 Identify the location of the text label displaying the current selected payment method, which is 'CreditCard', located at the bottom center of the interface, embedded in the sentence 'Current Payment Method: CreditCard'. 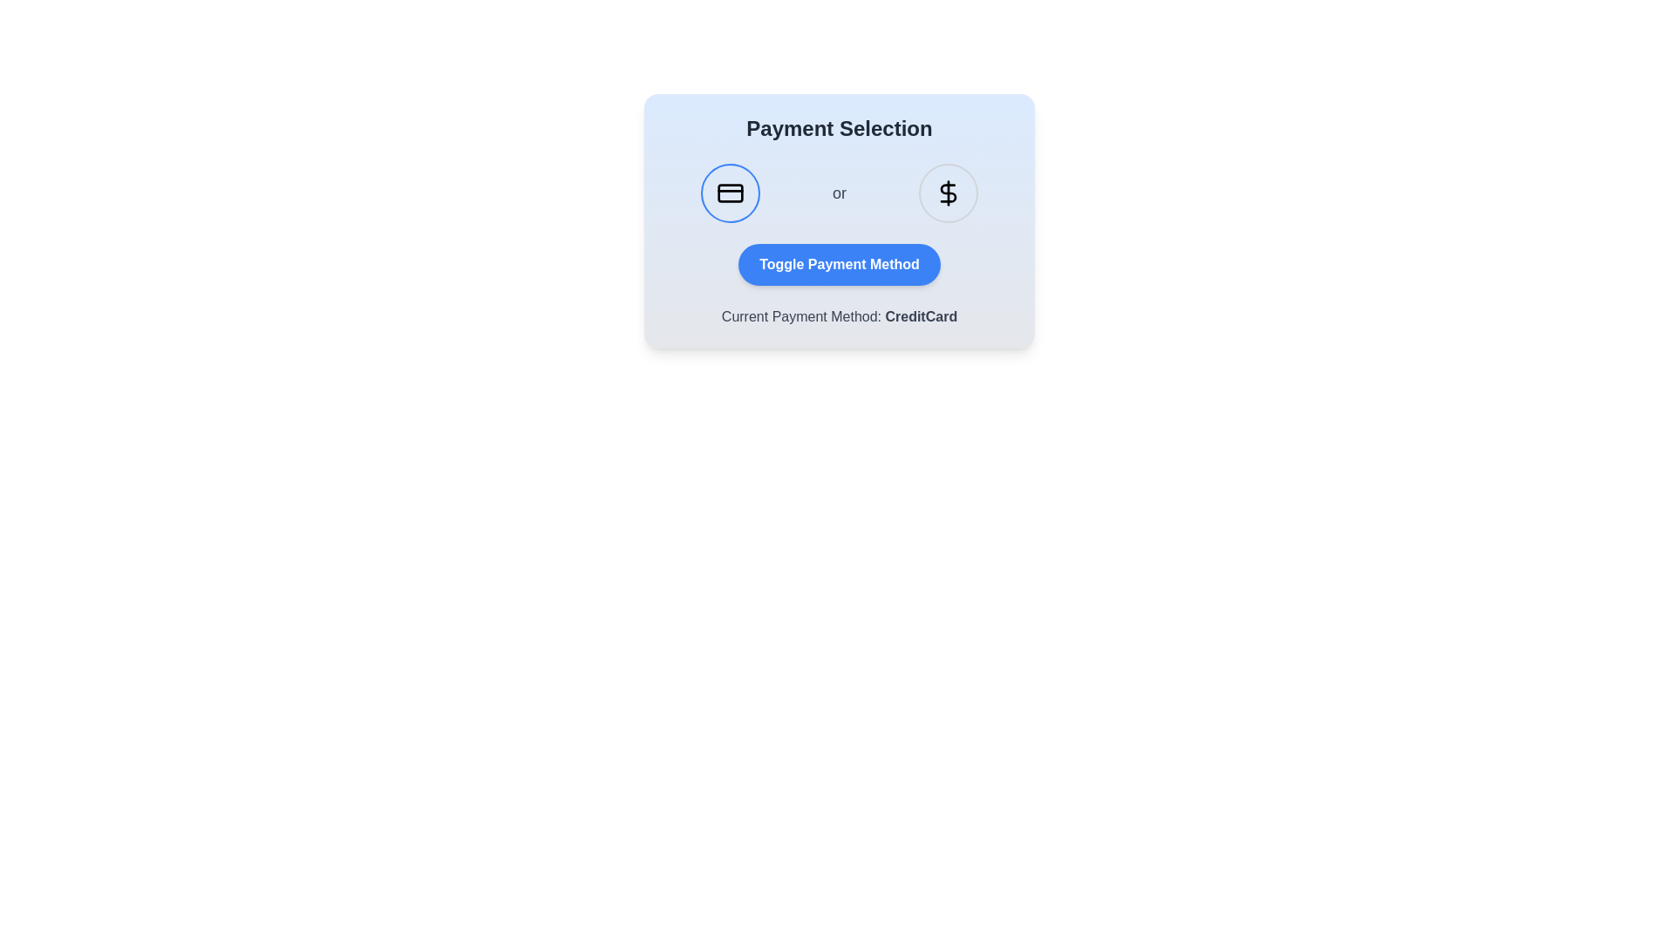
(920, 316).